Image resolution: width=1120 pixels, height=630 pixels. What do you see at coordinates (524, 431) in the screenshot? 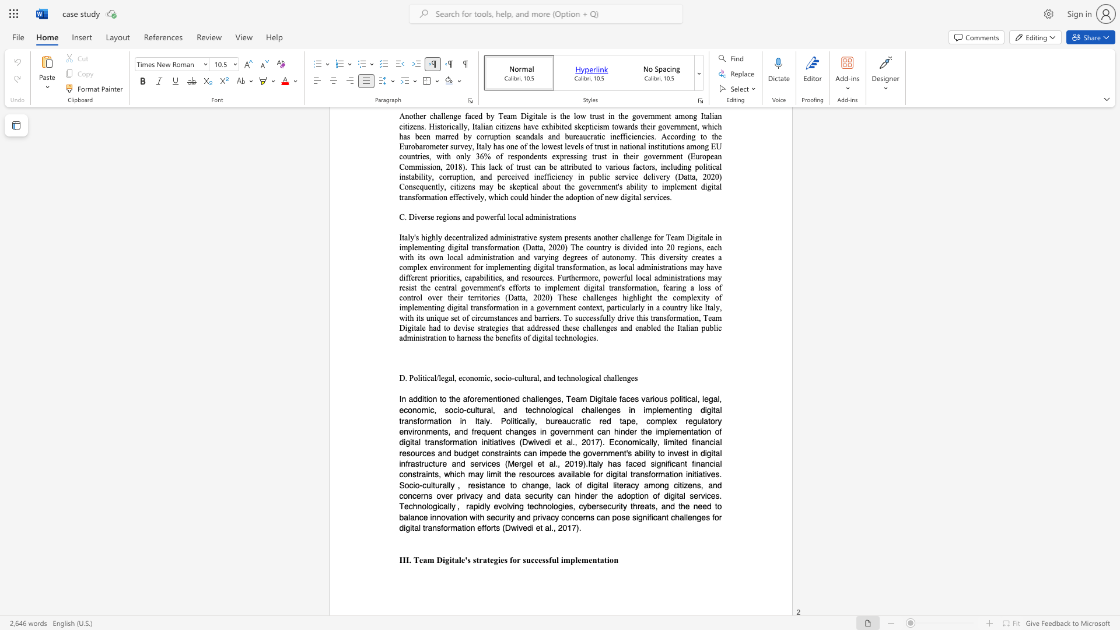
I see `the 9th character "g" in the text` at bounding box center [524, 431].